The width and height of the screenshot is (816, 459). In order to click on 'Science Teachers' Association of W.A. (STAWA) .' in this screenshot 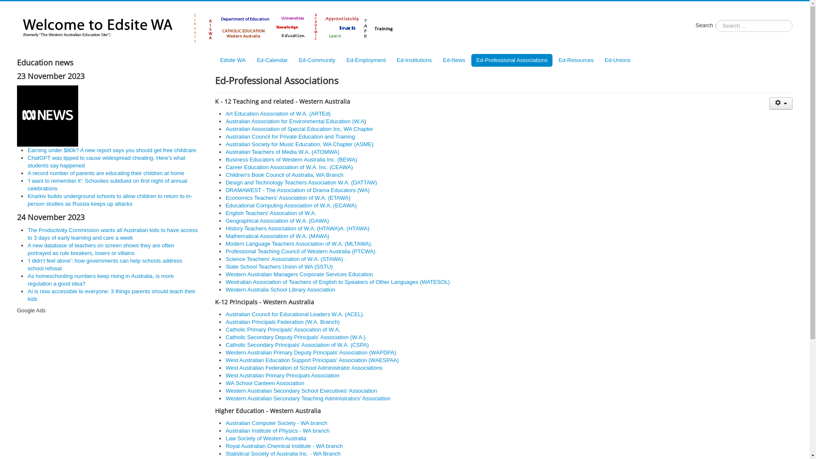, I will do `click(286, 258)`.